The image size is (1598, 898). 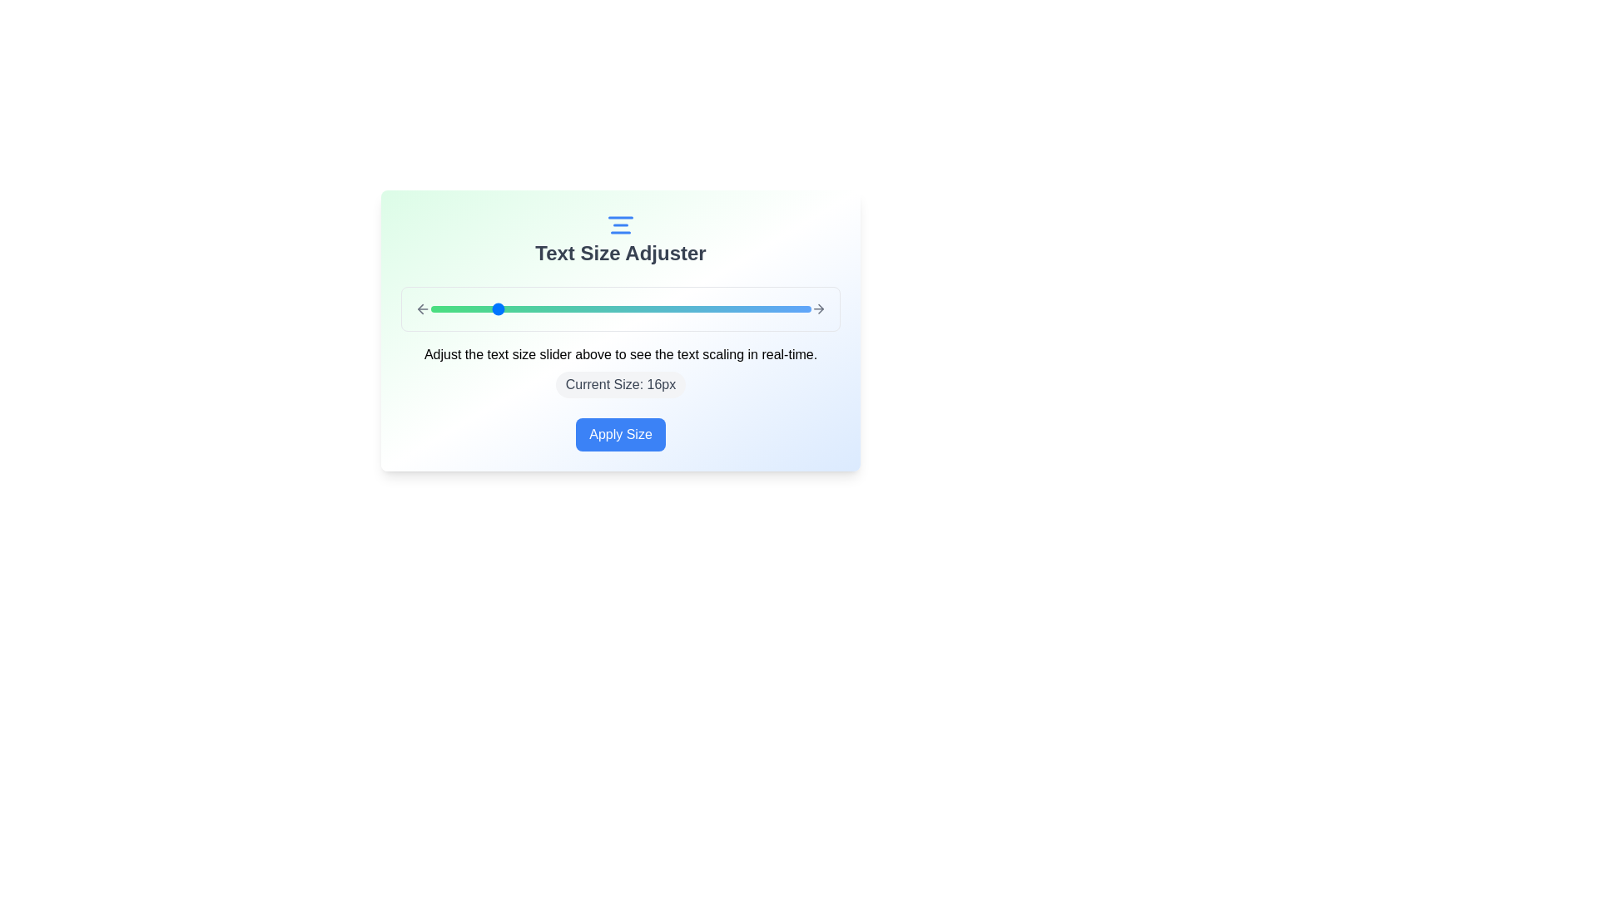 What do you see at coordinates (619, 253) in the screenshot?
I see `the text to select it for interaction` at bounding box center [619, 253].